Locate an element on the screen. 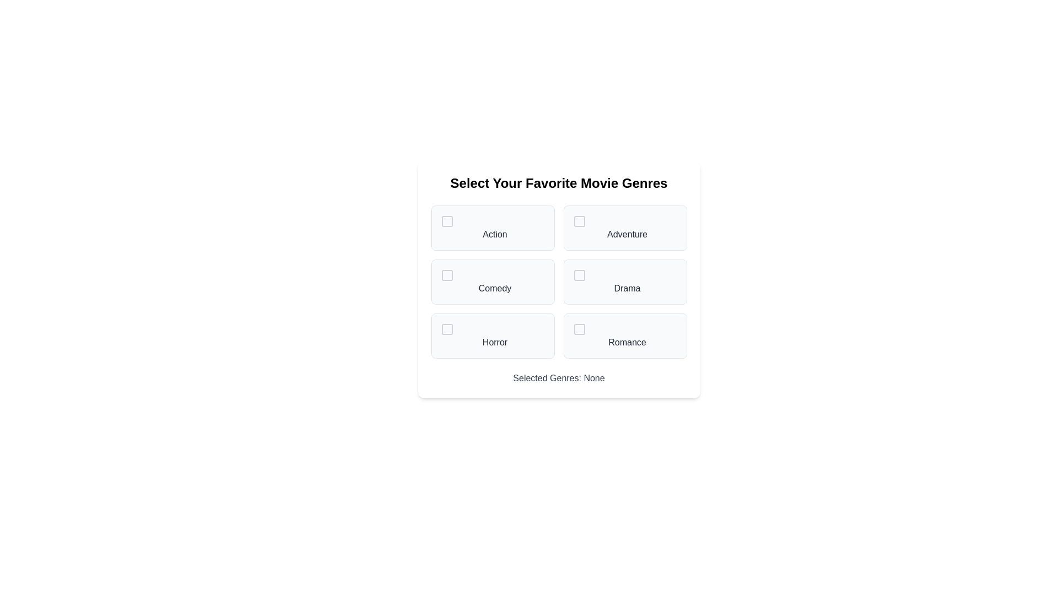 This screenshot has height=595, width=1059. the genre Drama to select or deselect it is located at coordinates (625, 282).